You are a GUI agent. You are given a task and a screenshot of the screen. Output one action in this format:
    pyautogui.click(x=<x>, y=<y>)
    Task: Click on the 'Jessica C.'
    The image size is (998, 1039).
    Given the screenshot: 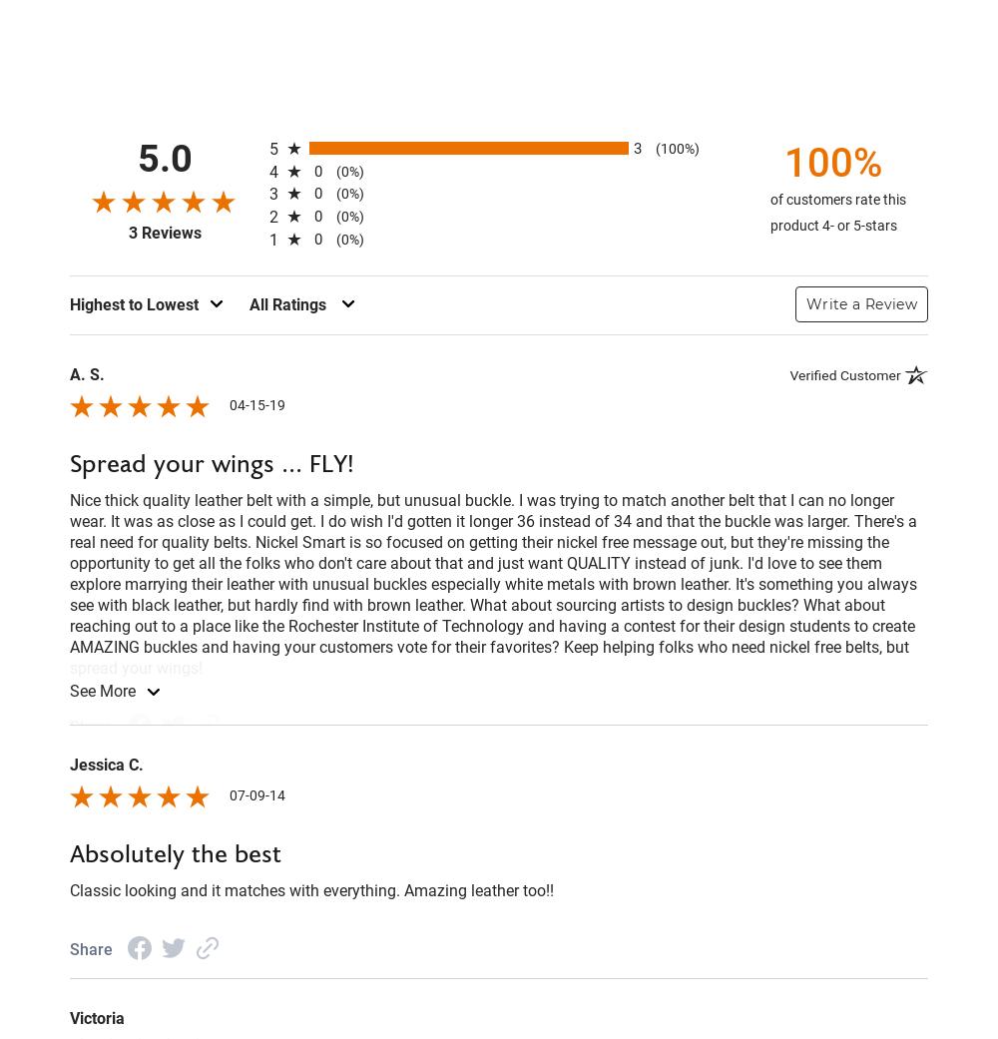 What is the action you would take?
    pyautogui.click(x=69, y=764)
    